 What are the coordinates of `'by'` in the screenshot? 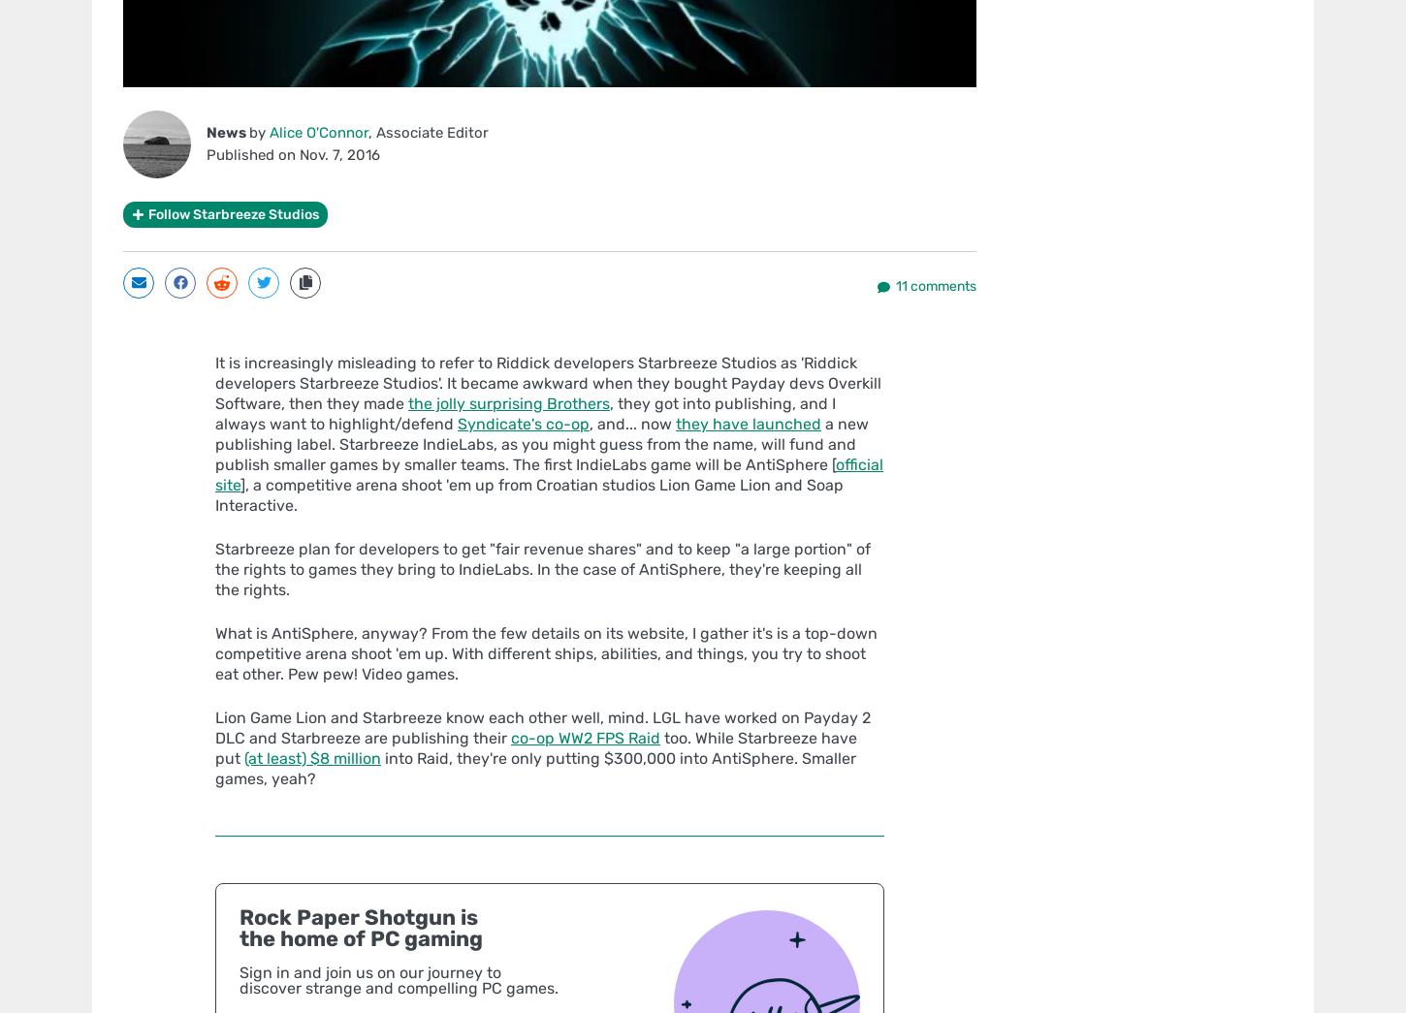 It's located at (257, 130).